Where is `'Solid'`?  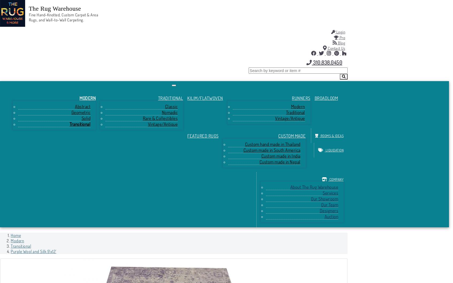
'Solid' is located at coordinates (85, 118).